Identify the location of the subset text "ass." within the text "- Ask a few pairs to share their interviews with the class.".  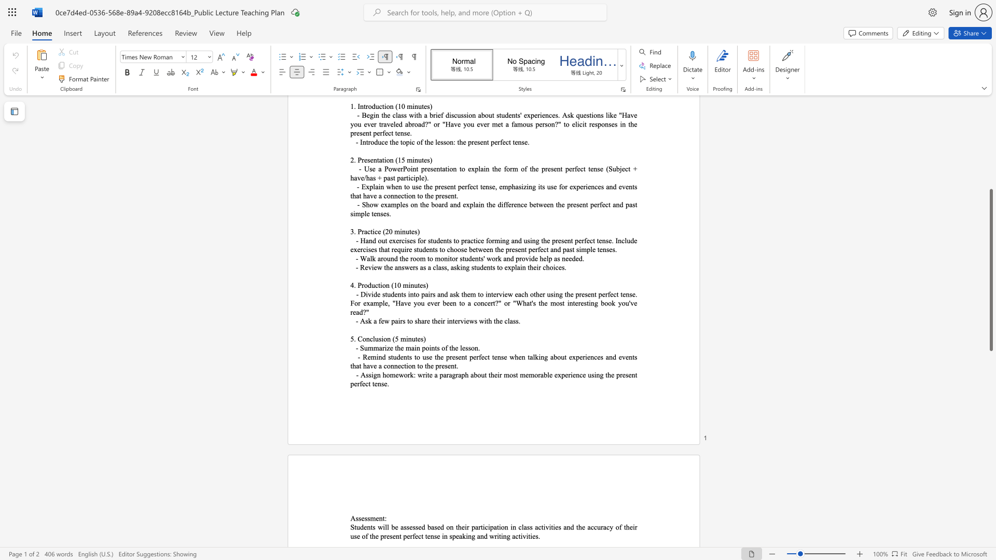
(509, 320).